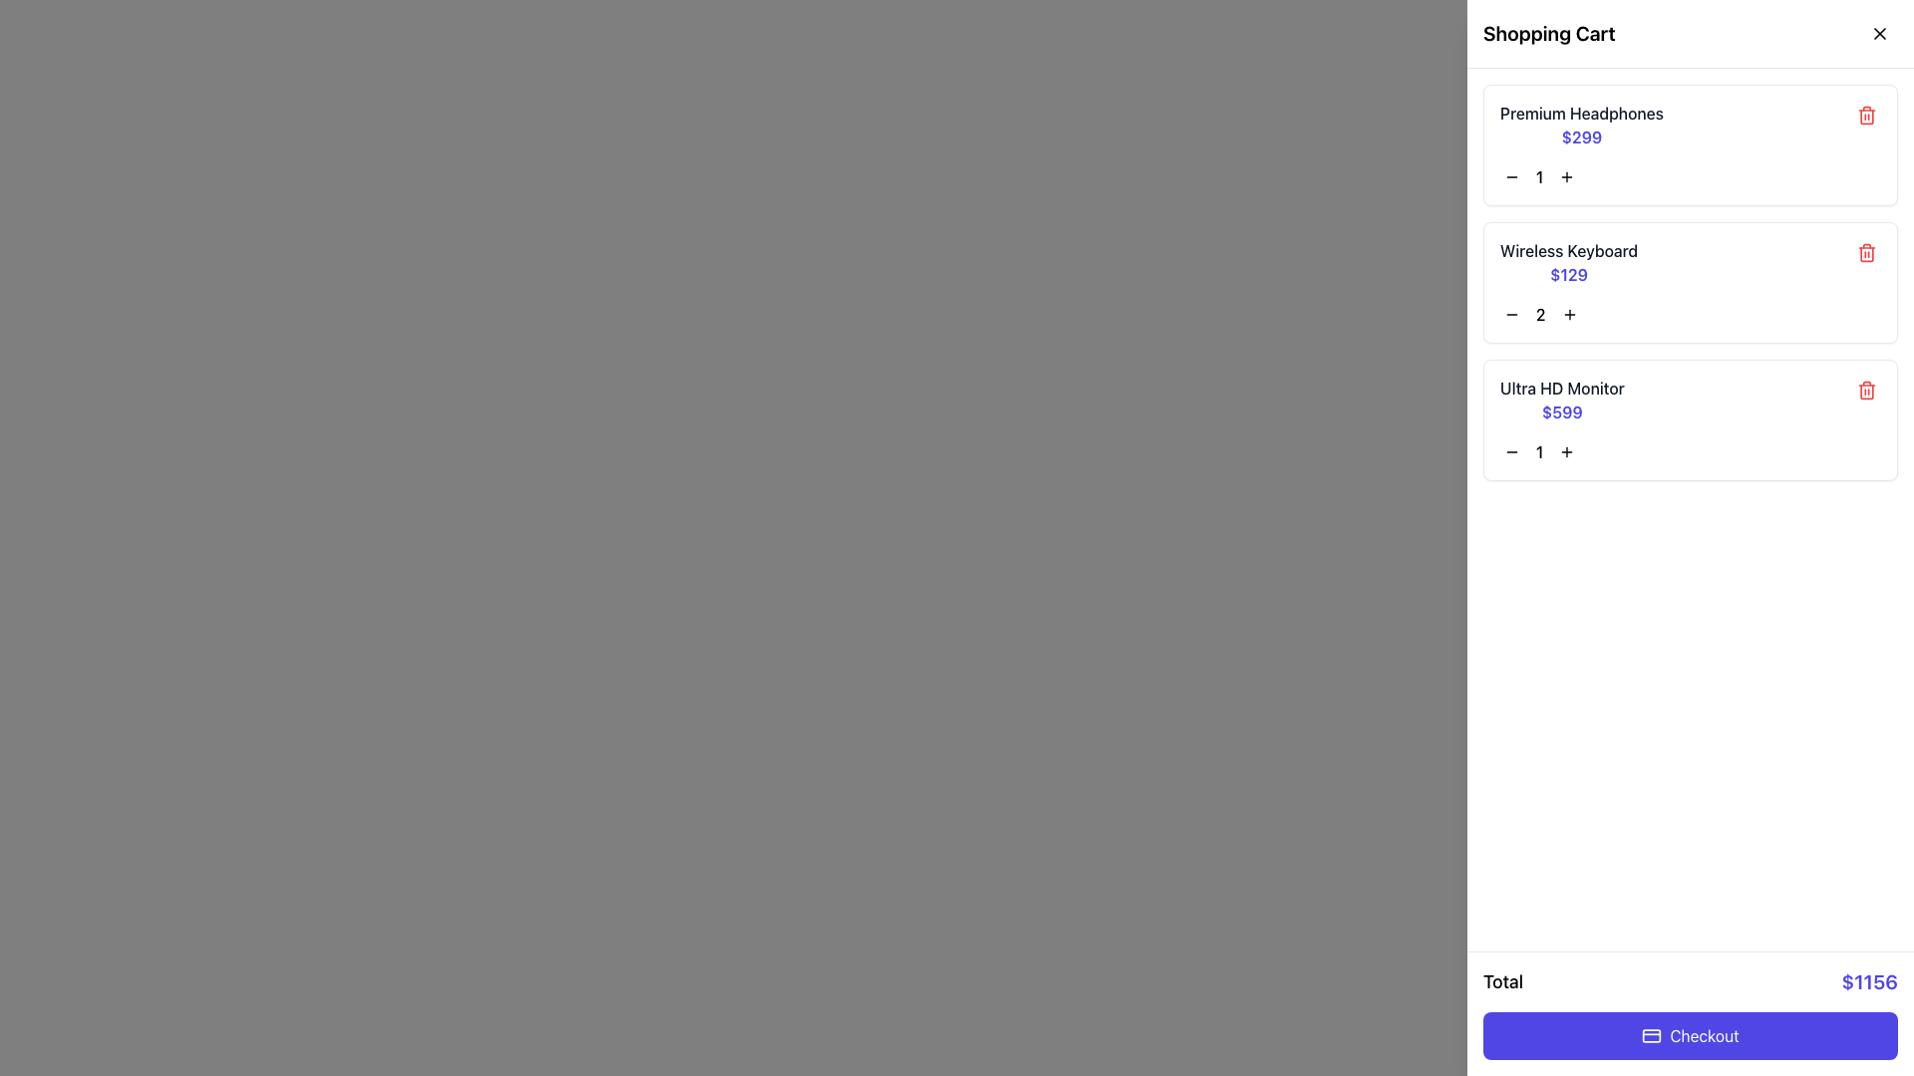  What do you see at coordinates (1566, 175) in the screenshot?
I see `the plus-shaped icon within the circular button located in the first product card of the shopping cart section` at bounding box center [1566, 175].